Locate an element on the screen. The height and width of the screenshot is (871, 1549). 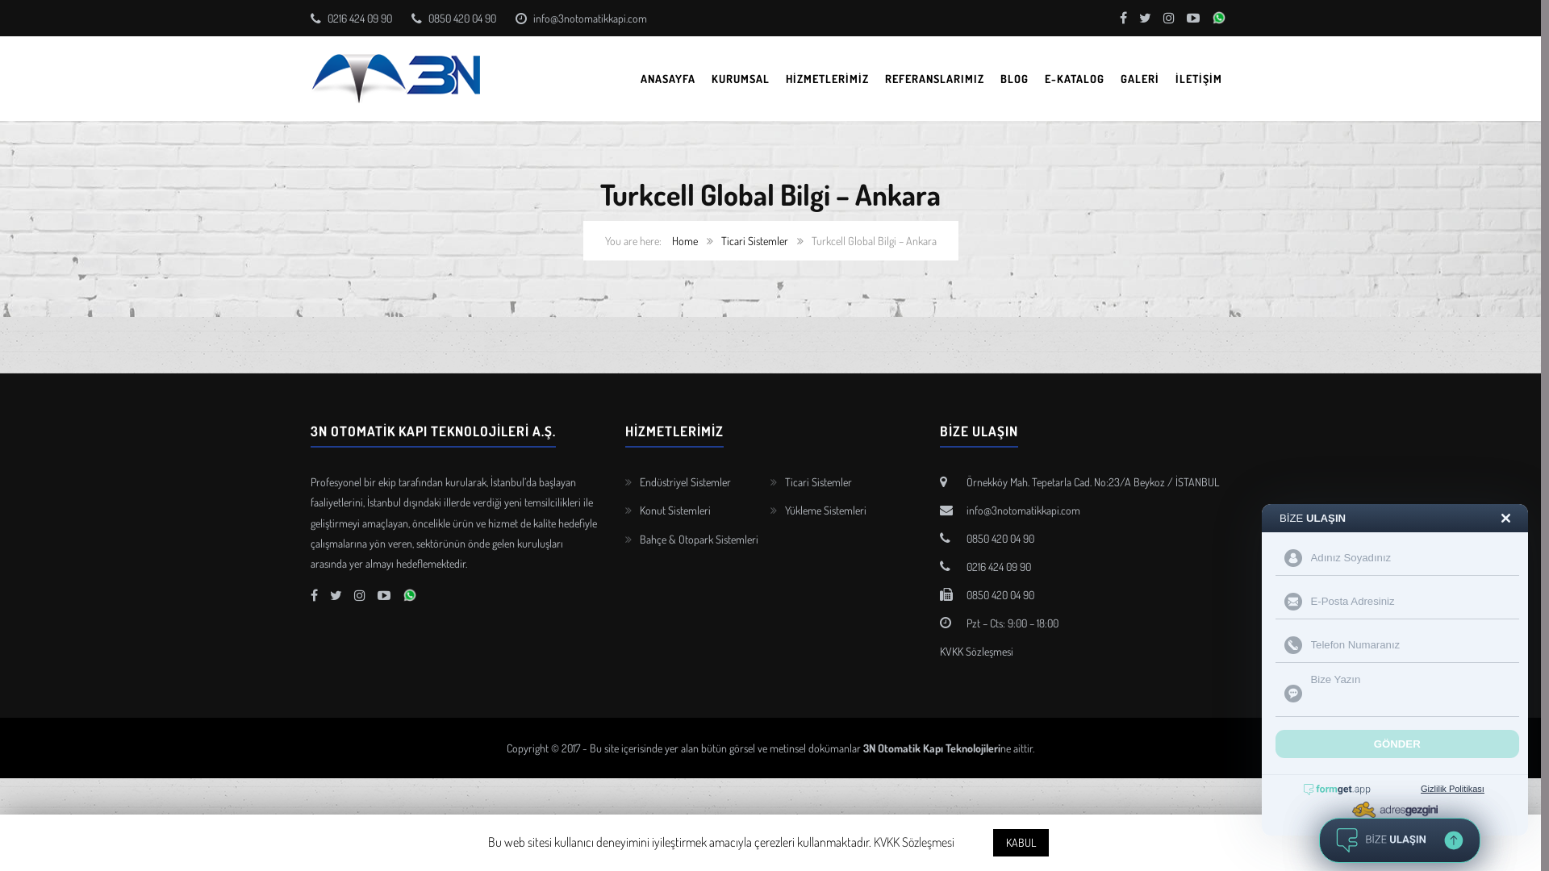
'E-KATALOG' is located at coordinates (1074, 78).